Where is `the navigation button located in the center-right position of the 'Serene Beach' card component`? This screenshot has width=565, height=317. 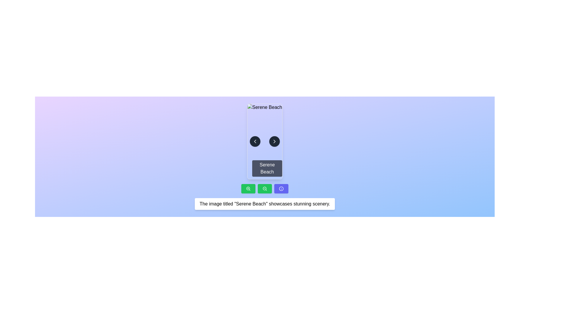 the navigation button located in the center-right position of the 'Serene Beach' card component is located at coordinates (274, 141).